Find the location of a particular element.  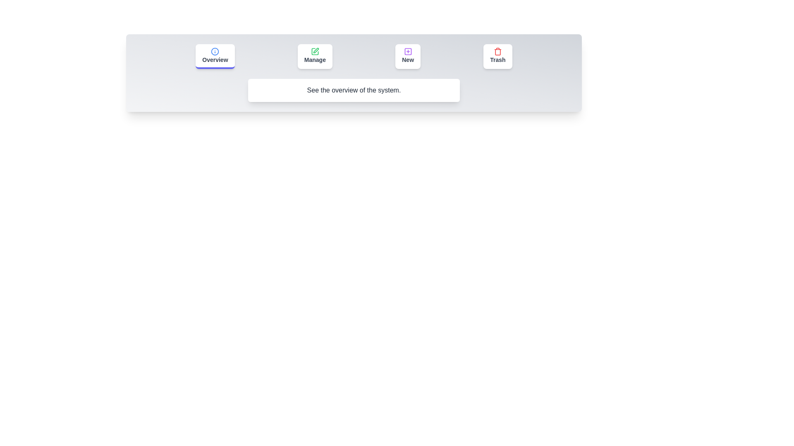

the tab labeled New to observe its visual transition effect is located at coordinates (408, 56).